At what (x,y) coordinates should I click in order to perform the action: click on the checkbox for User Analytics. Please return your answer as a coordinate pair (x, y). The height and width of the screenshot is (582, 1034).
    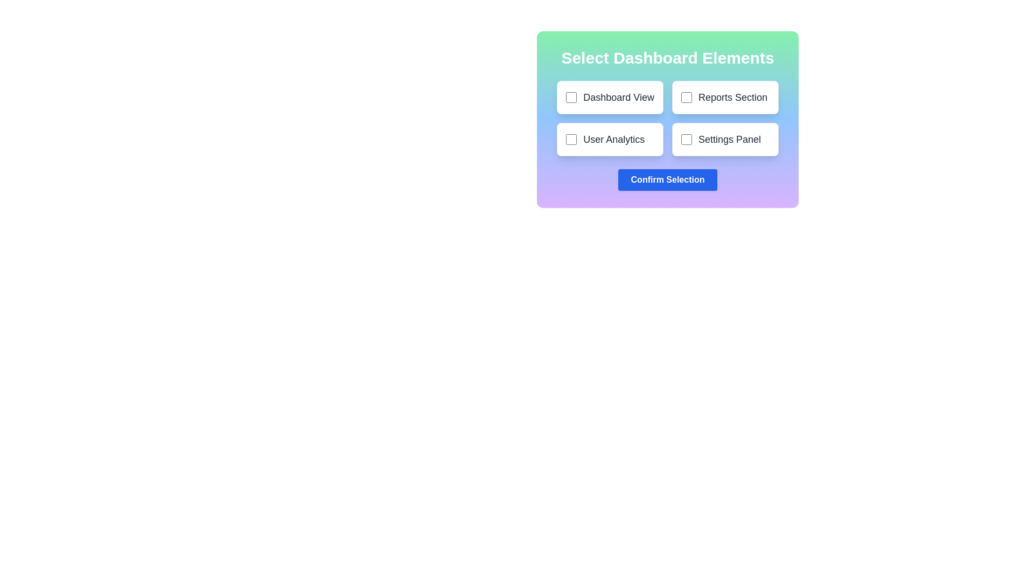
    Looking at the image, I should click on (571, 138).